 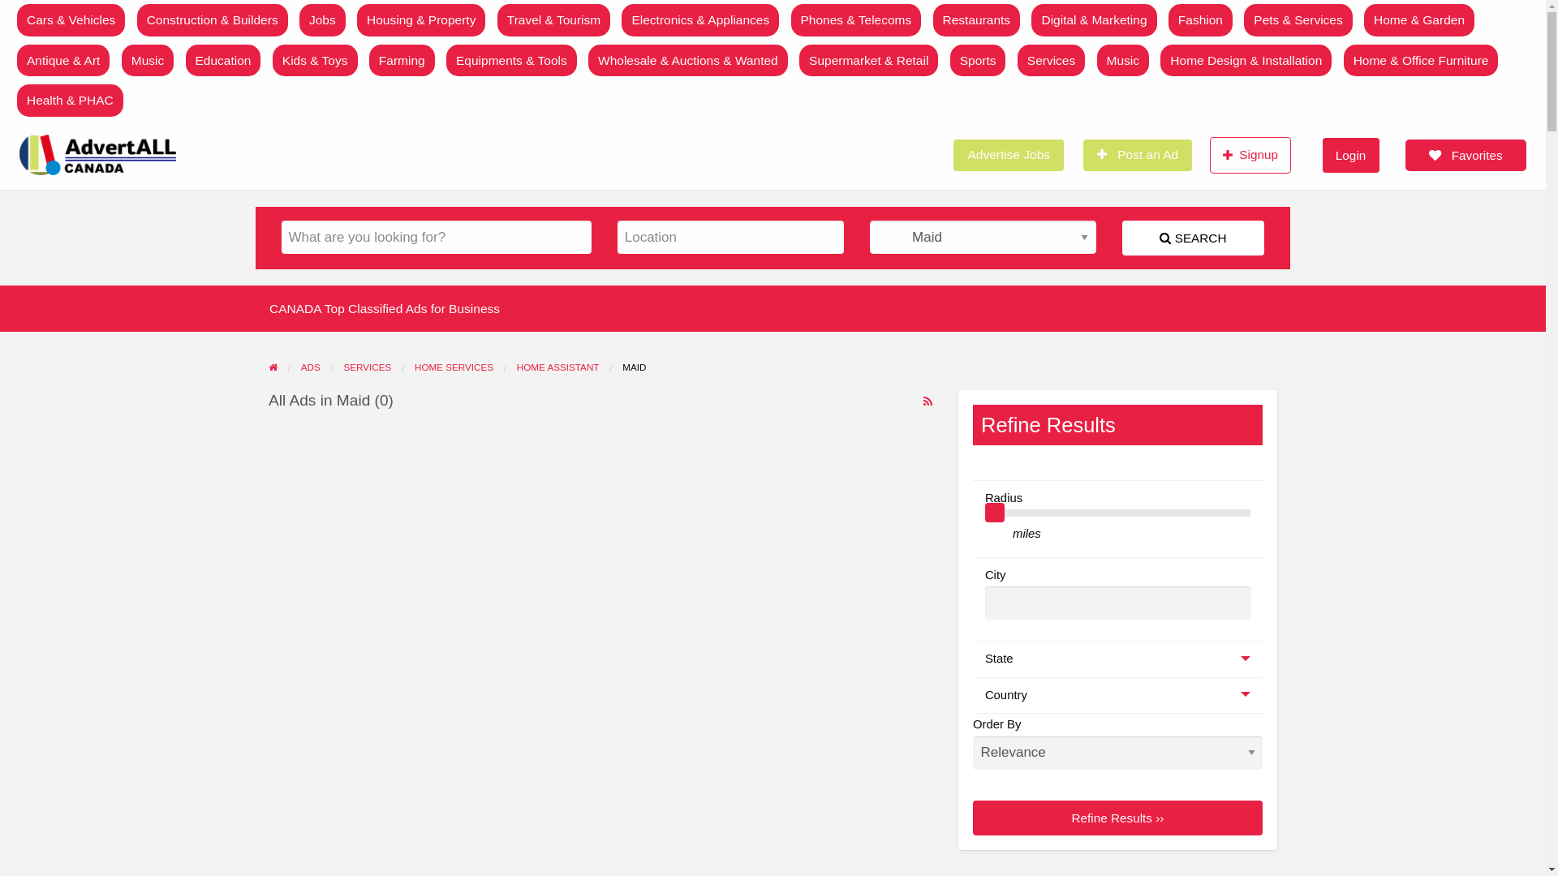 I want to click on 'RSS Feed for ad tag Maid', so click(x=927, y=401).